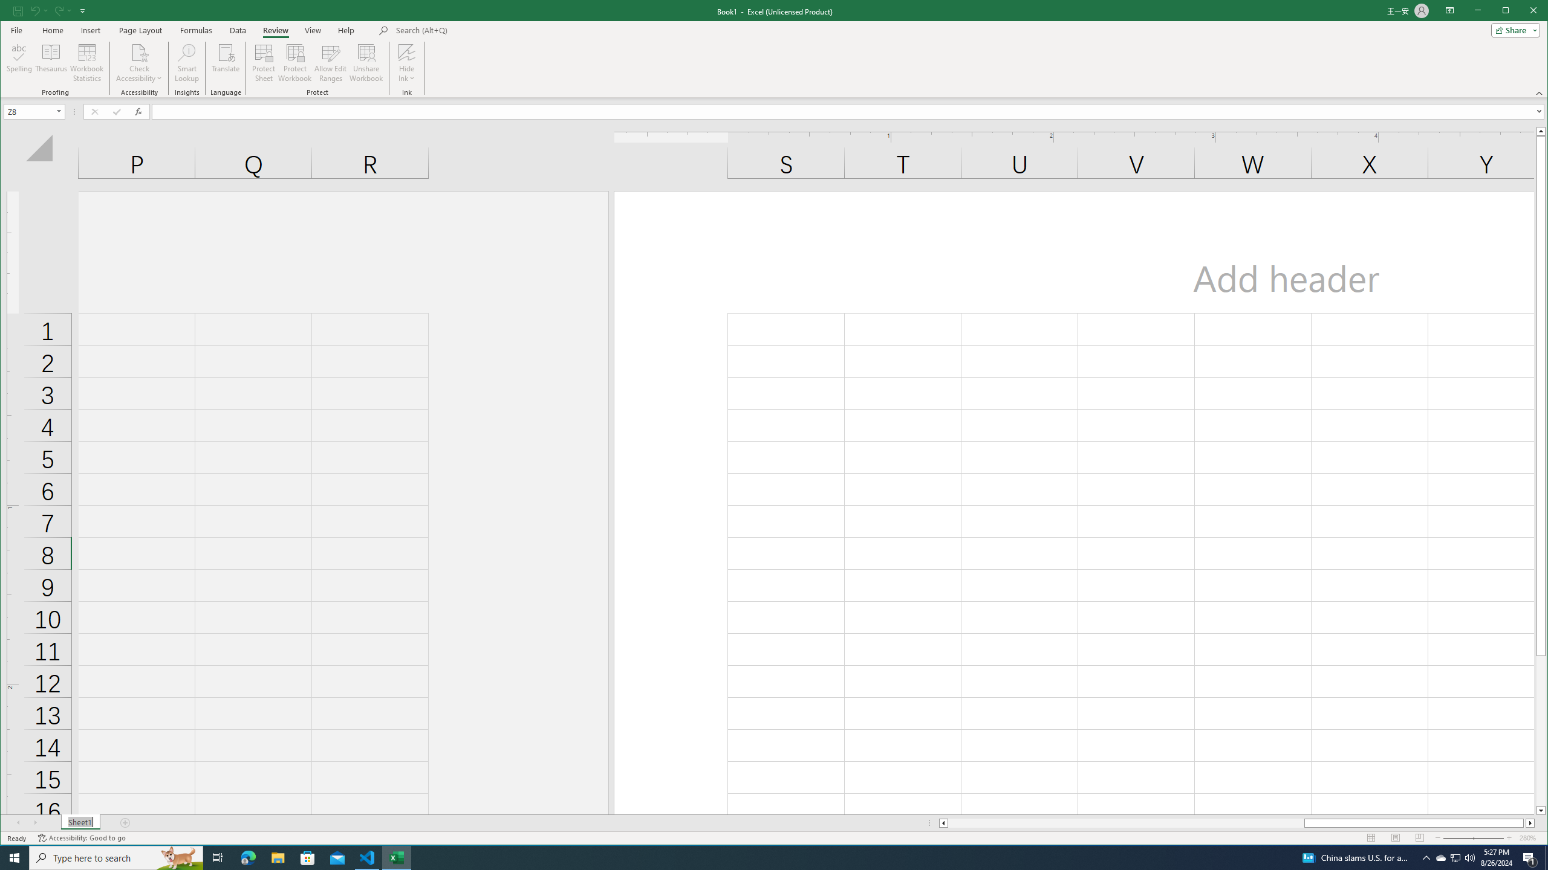 This screenshot has height=870, width=1548. I want to click on 'Visual Studio Code - 1 running window', so click(367, 857).